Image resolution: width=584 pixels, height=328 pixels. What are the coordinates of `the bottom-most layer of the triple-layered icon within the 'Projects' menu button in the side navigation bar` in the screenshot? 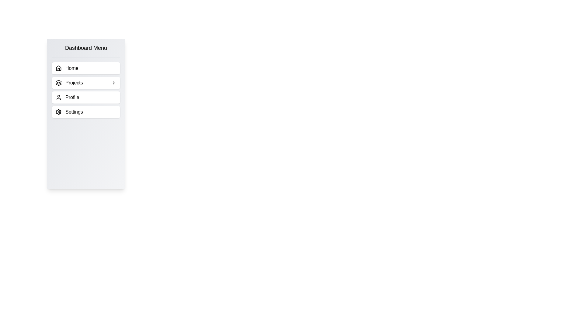 It's located at (58, 85).